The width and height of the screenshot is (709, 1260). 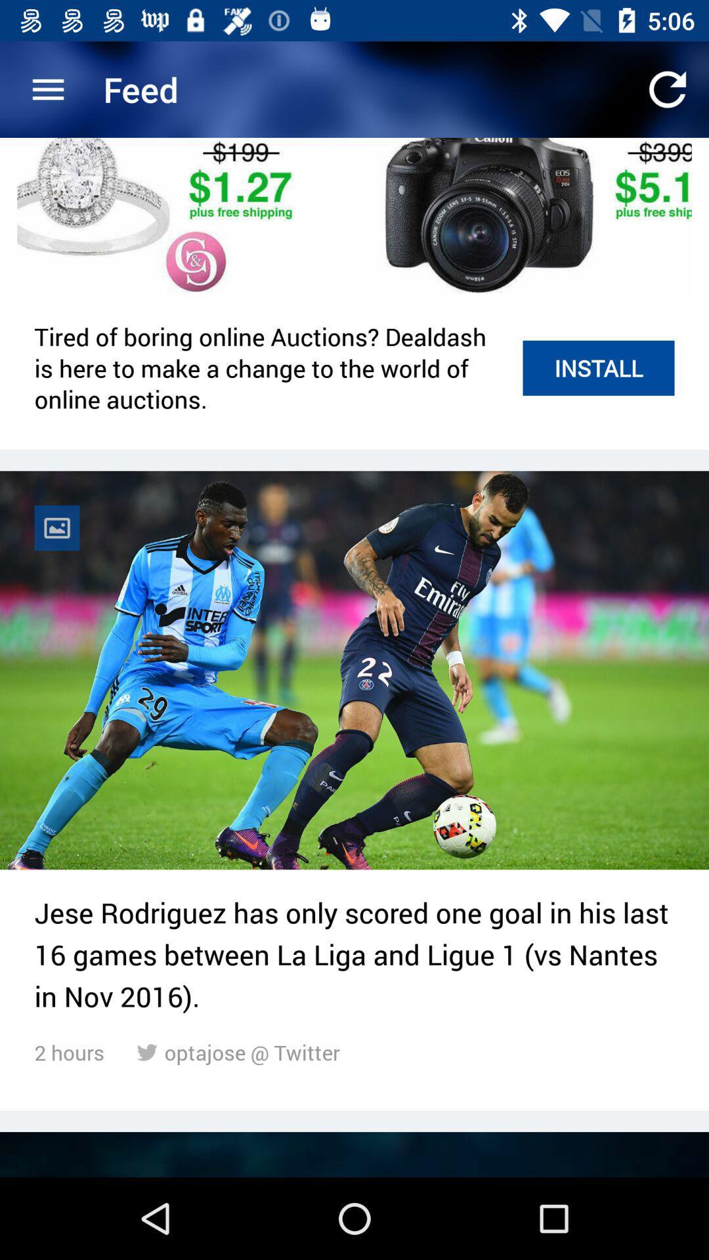 What do you see at coordinates (270, 367) in the screenshot?
I see `icon next to install item` at bounding box center [270, 367].